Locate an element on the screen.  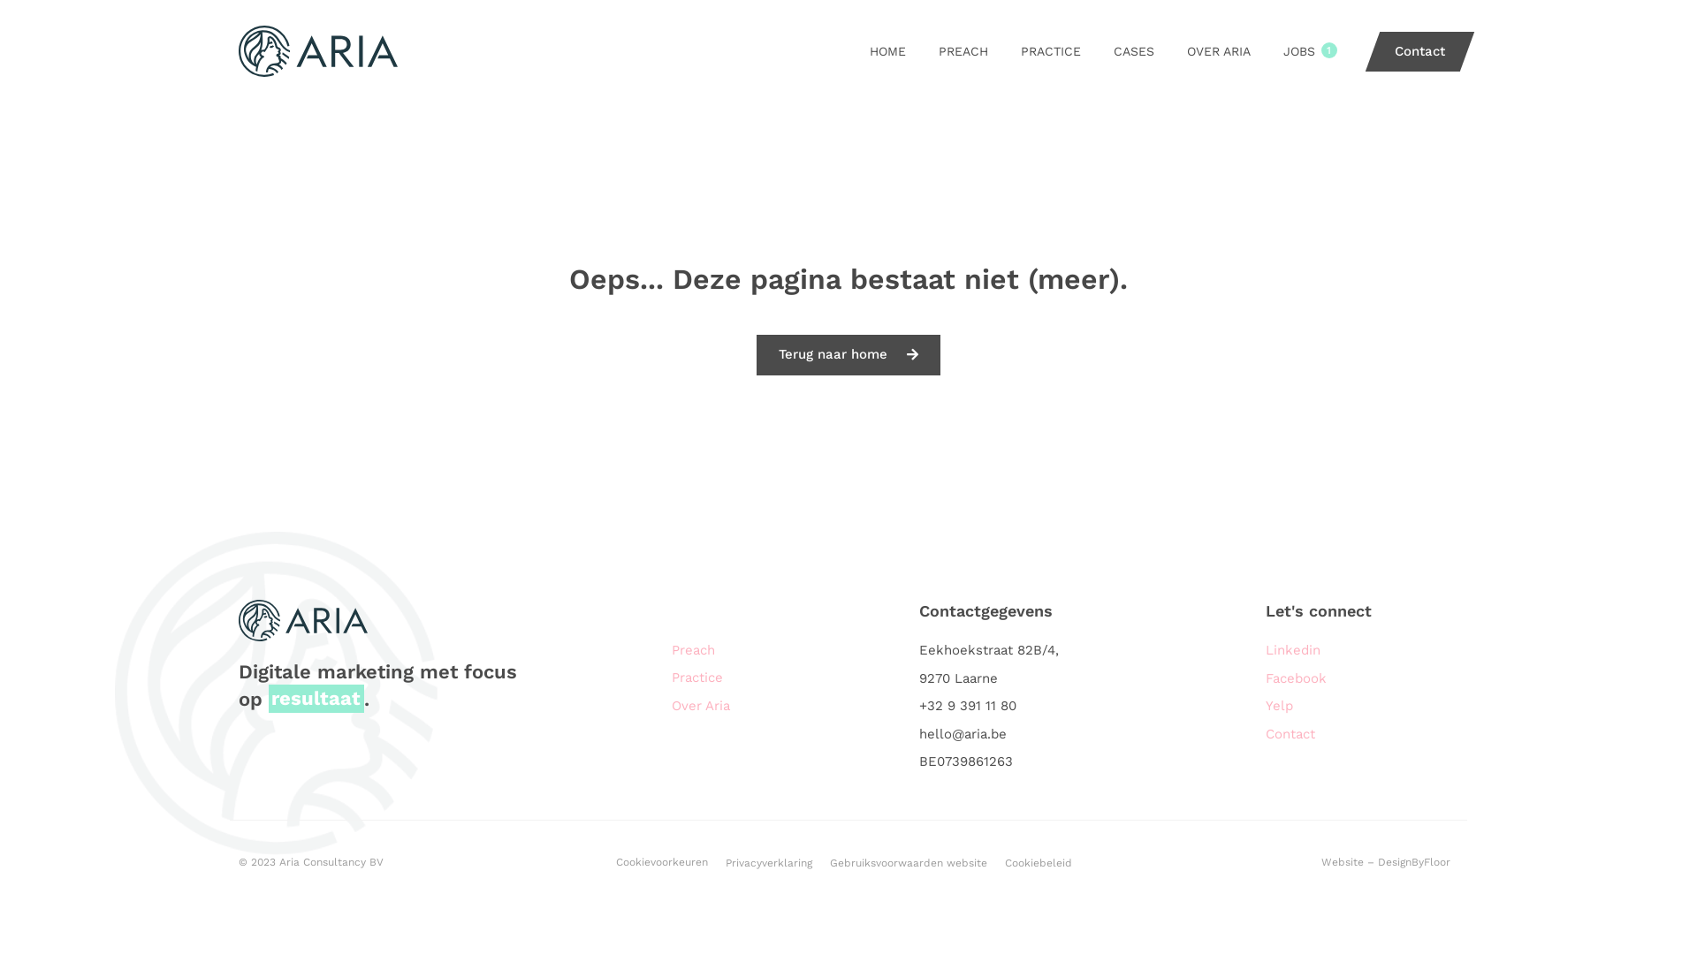
'1' is located at coordinates (1328, 49).